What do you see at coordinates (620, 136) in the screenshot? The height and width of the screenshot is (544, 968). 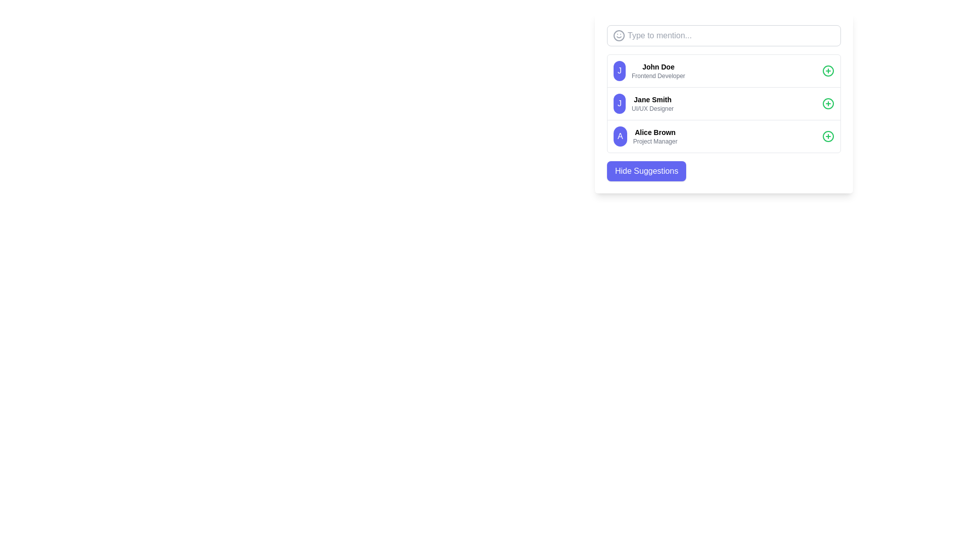 I see `the circular avatar badge representing 'Alice Brown' located at the far-left of her list item, preceding her name and title` at bounding box center [620, 136].